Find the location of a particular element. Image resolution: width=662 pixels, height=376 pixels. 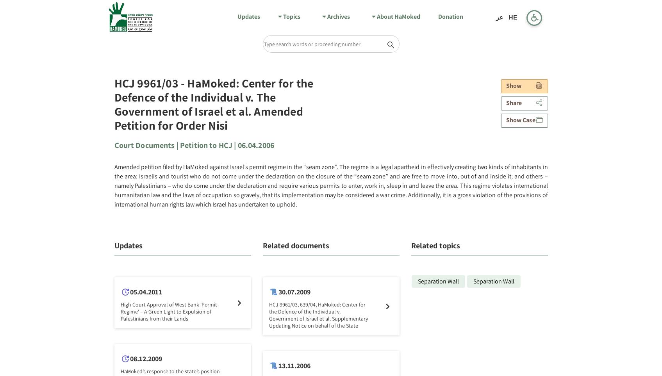

'08.12.2009' is located at coordinates (129, 358).